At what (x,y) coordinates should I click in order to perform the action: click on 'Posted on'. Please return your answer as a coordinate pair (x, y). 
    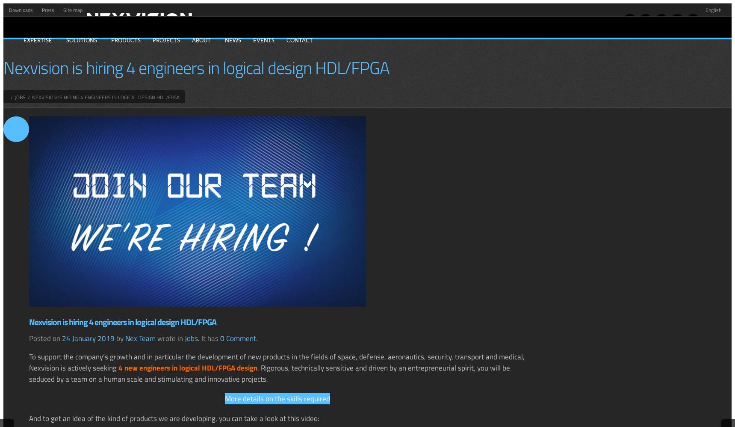
    Looking at the image, I should click on (45, 338).